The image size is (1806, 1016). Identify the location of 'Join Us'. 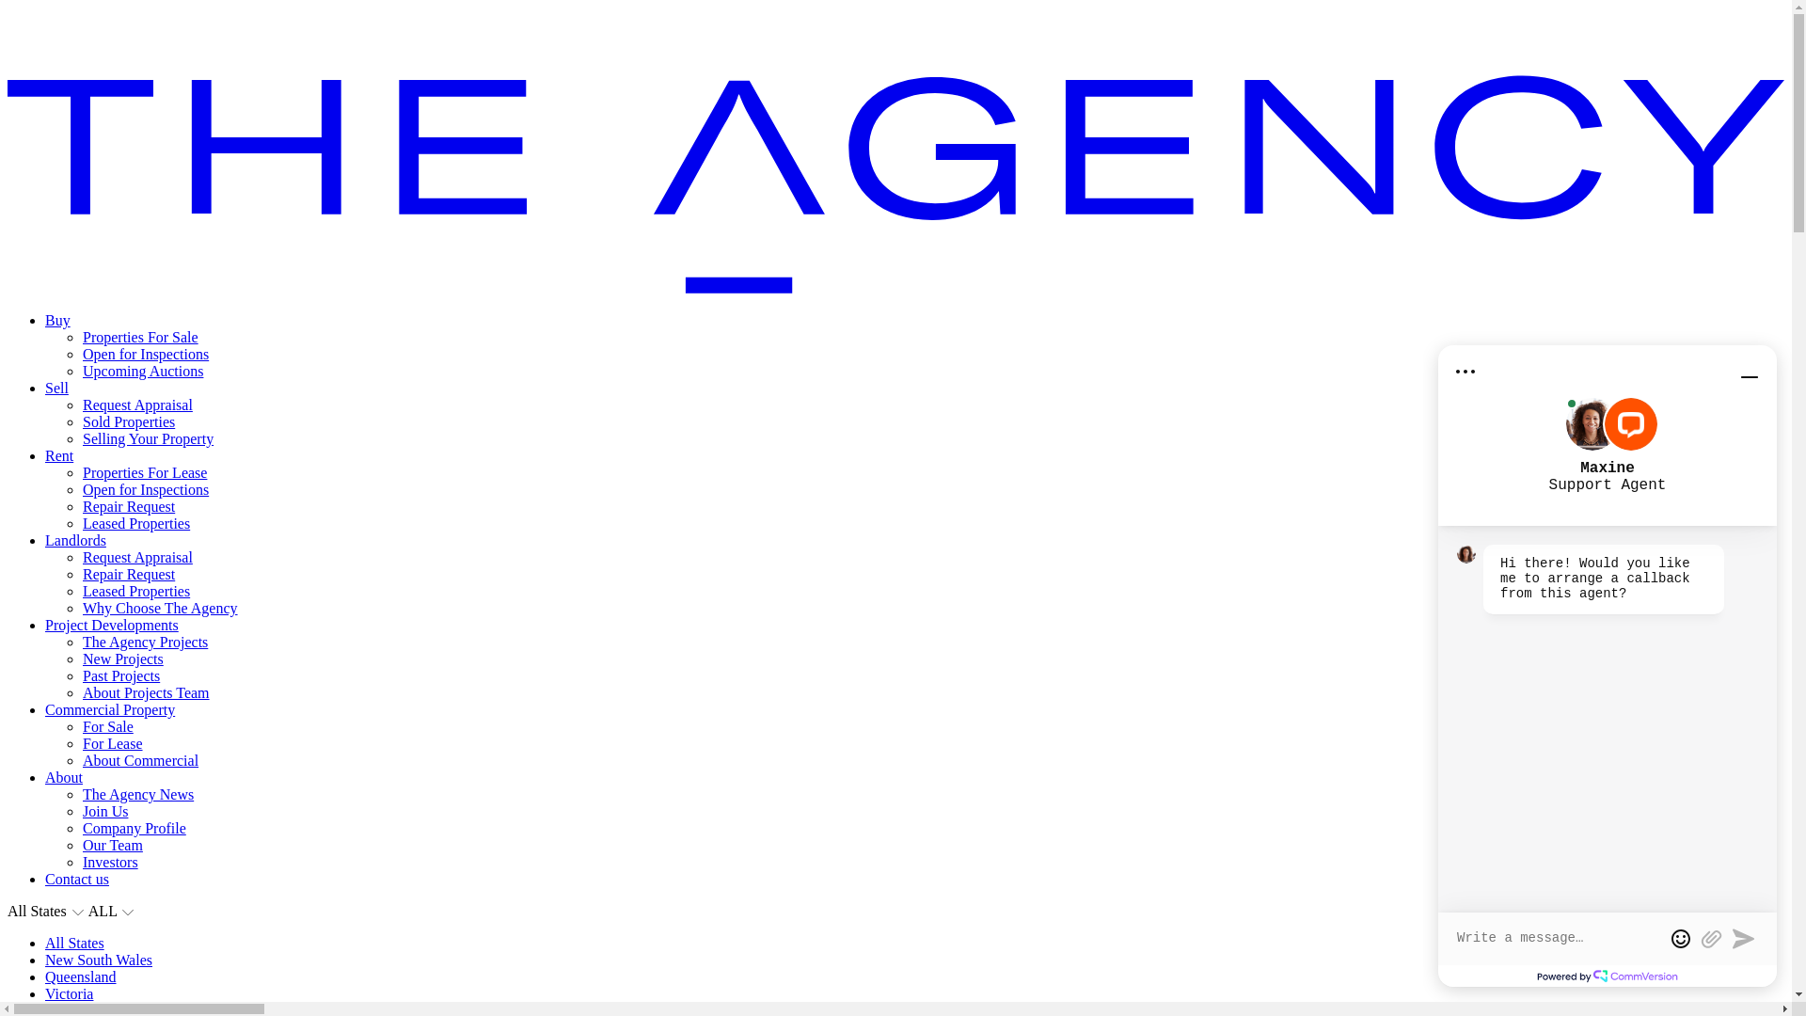
(103, 810).